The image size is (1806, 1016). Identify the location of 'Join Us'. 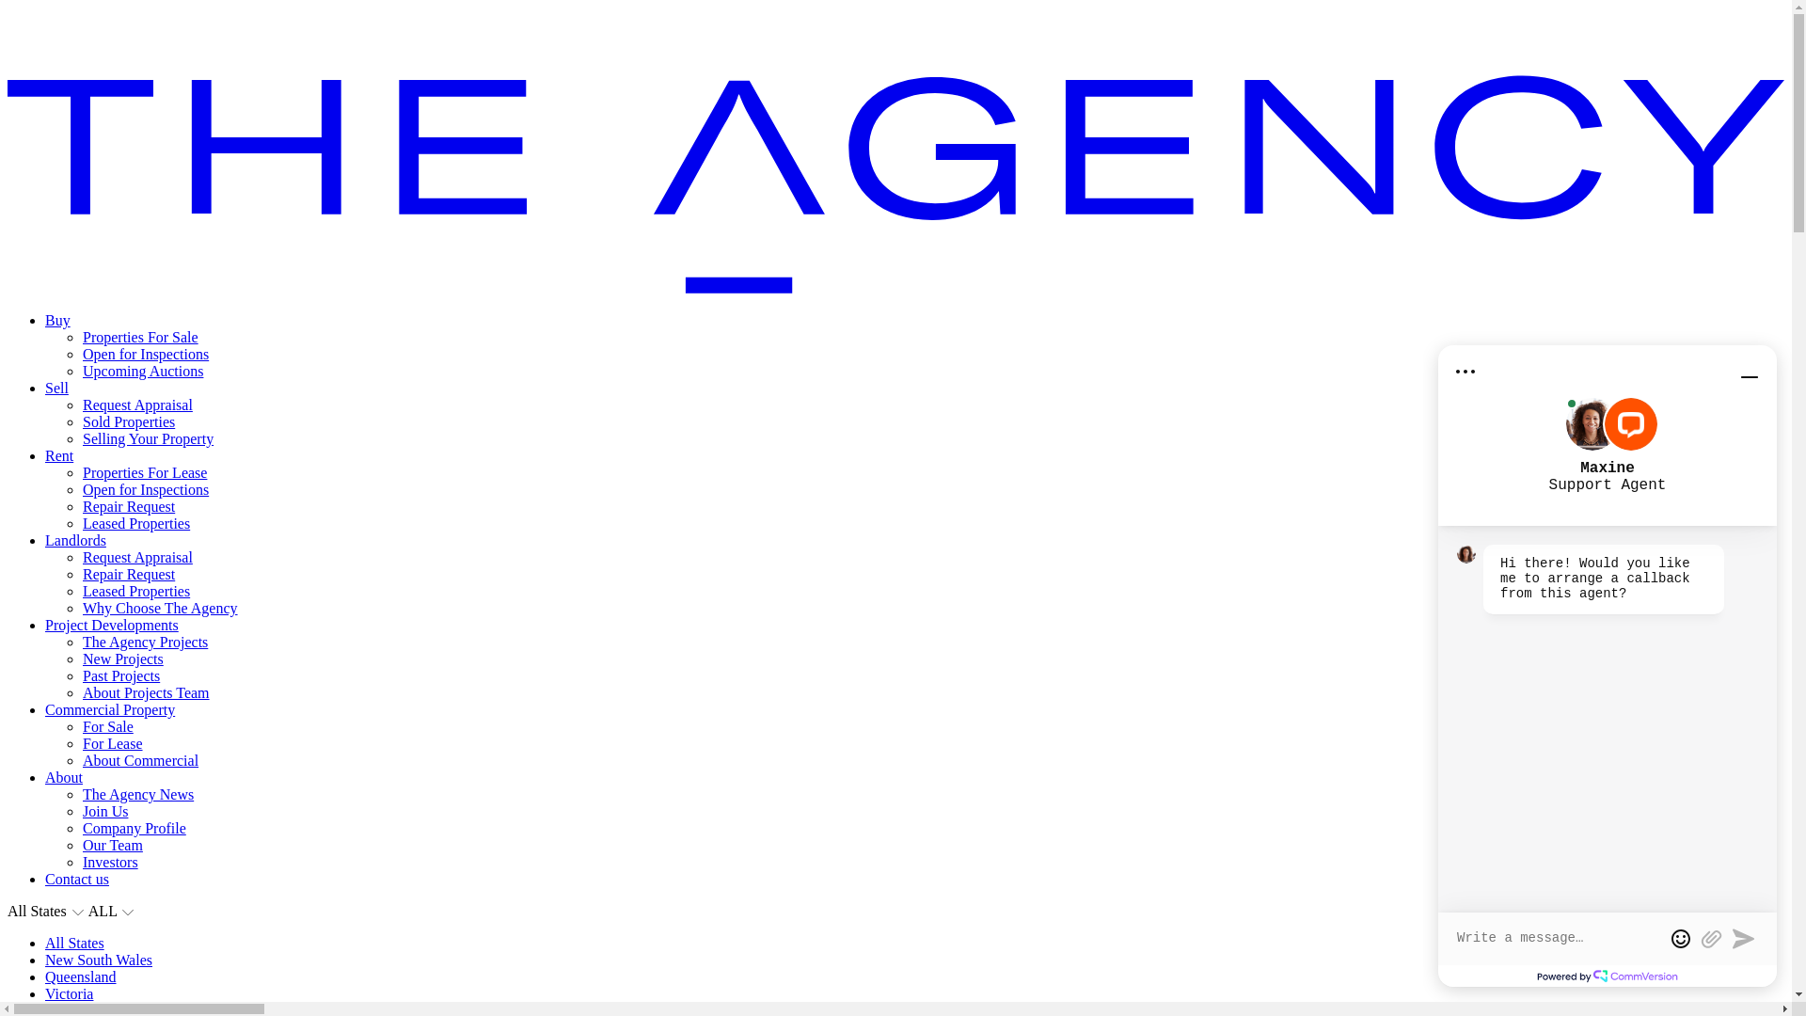
(103, 810).